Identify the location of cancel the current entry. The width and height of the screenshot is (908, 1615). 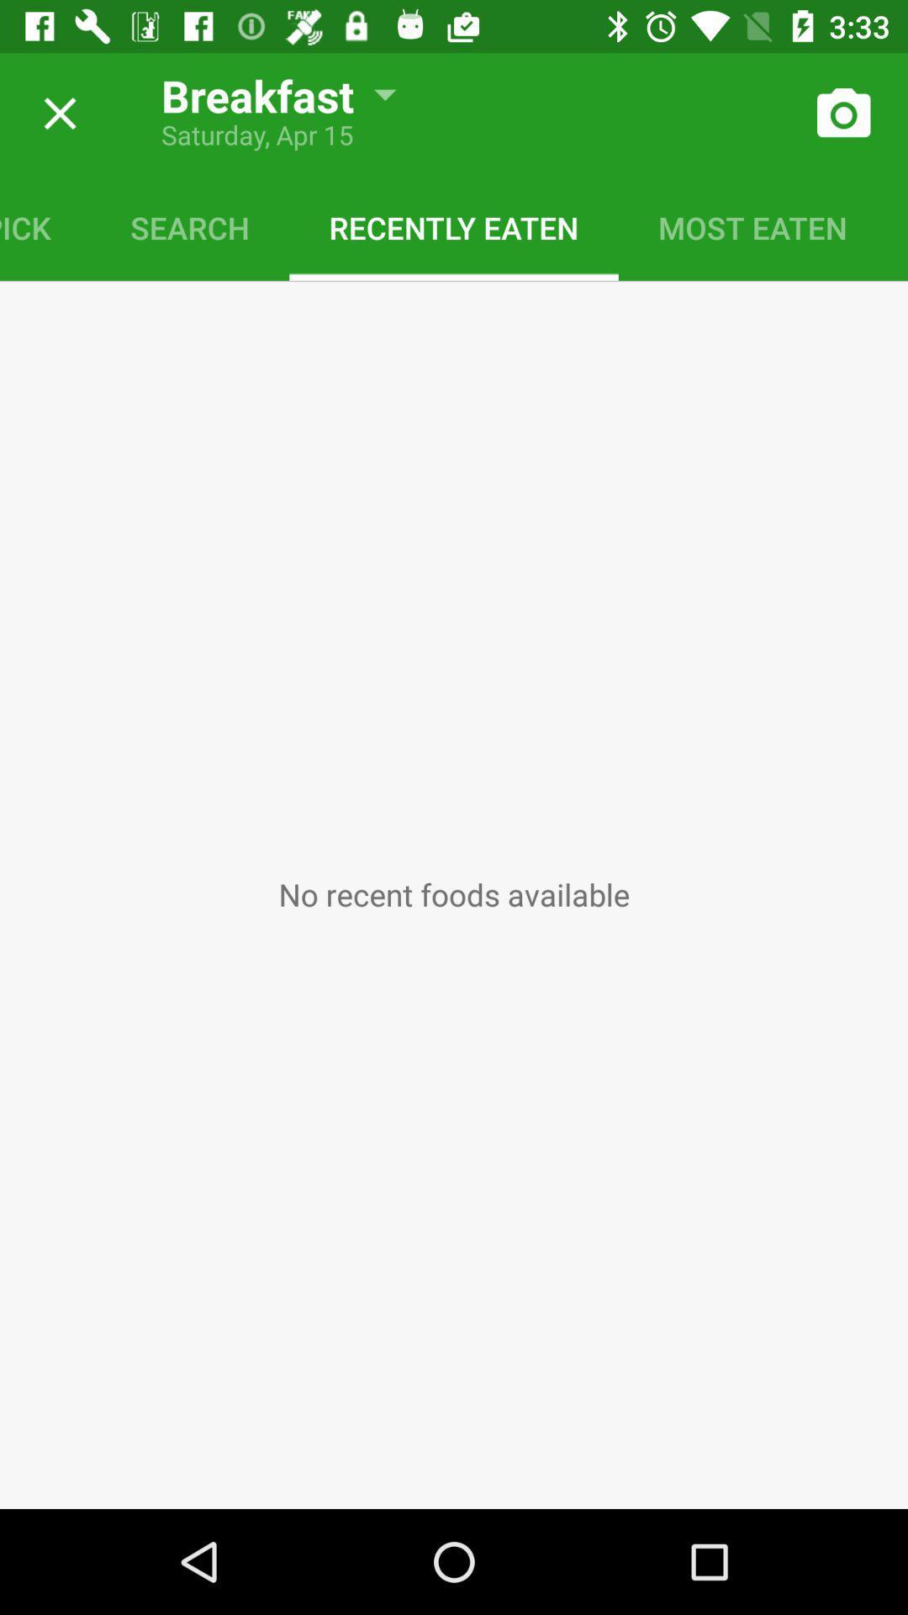
(53, 113).